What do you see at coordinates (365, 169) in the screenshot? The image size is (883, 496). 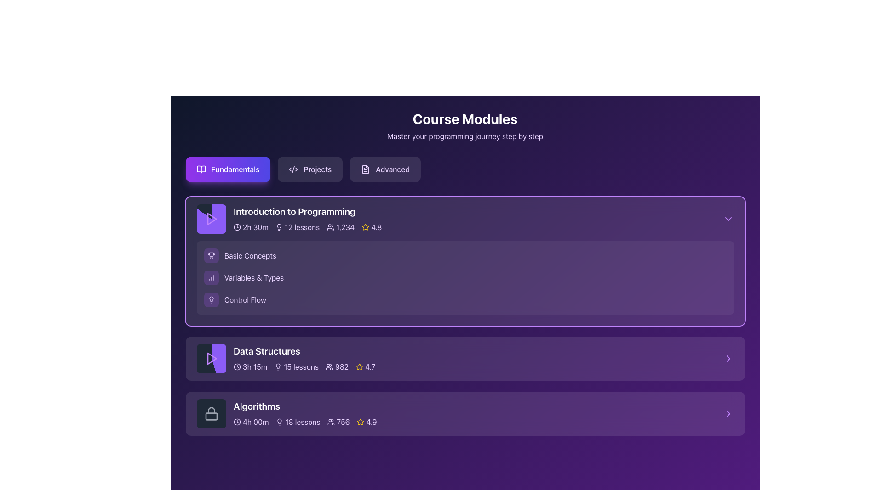 I see `the 'Advanced' navigation button, which is the rightmost button in a group of three buttons labeled 'Fundamentals', 'Projects', and 'Advanced'` at bounding box center [365, 169].